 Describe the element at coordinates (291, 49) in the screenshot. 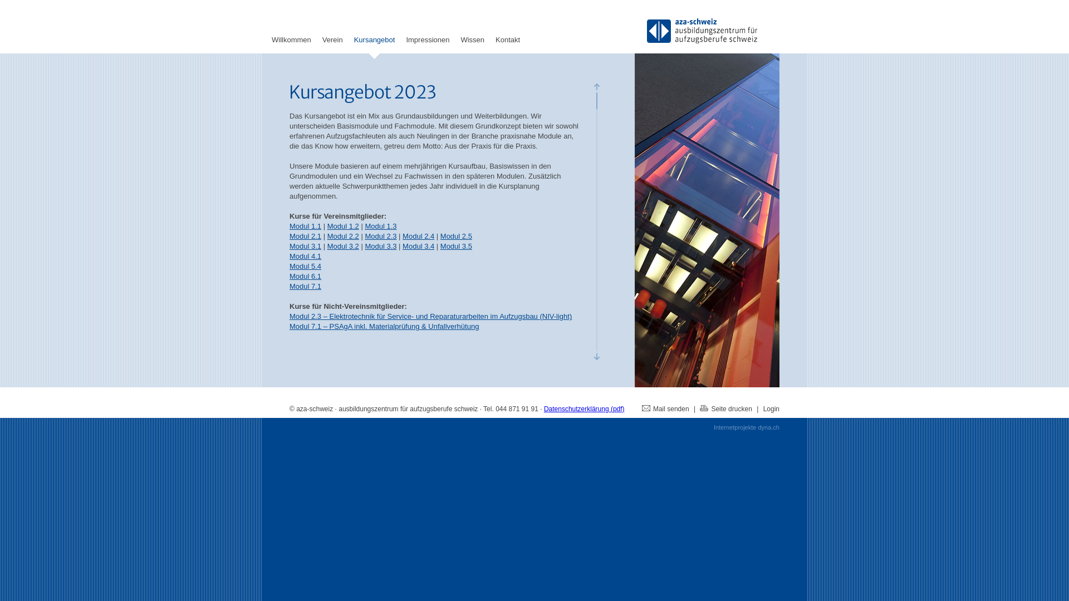

I see `'Willkommen'` at that location.